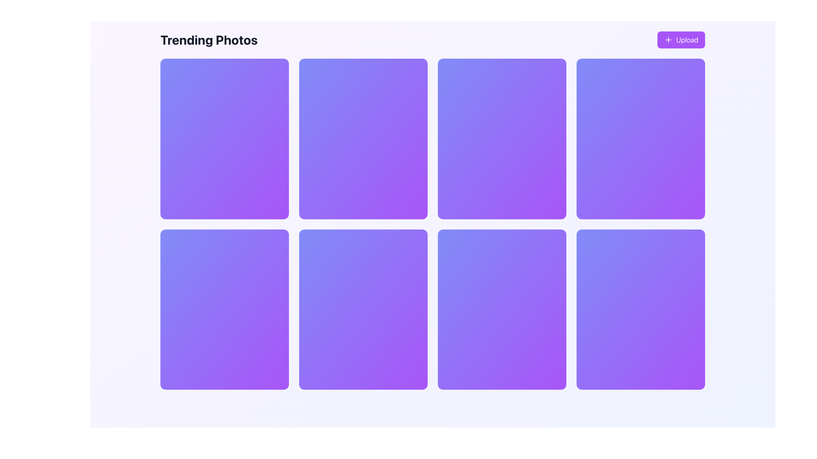 Image resolution: width=817 pixels, height=459 pixels. Describe the element at coordinates (225, 309) in the screenshot. I see `the interactive card containing textual information located in the second row and first column of the grid` at that location.